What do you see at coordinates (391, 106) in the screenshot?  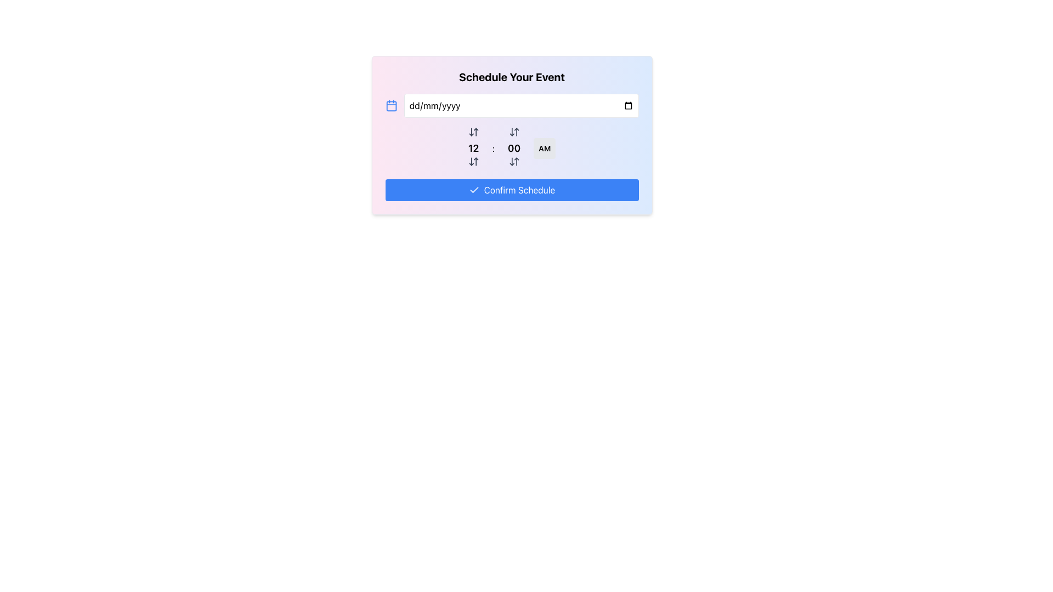 I see `the central rectangular area of the blue calendar icon, which is located to the left of the 'dd/mm/yyyy' text input box` at bounding box center [391, 106].